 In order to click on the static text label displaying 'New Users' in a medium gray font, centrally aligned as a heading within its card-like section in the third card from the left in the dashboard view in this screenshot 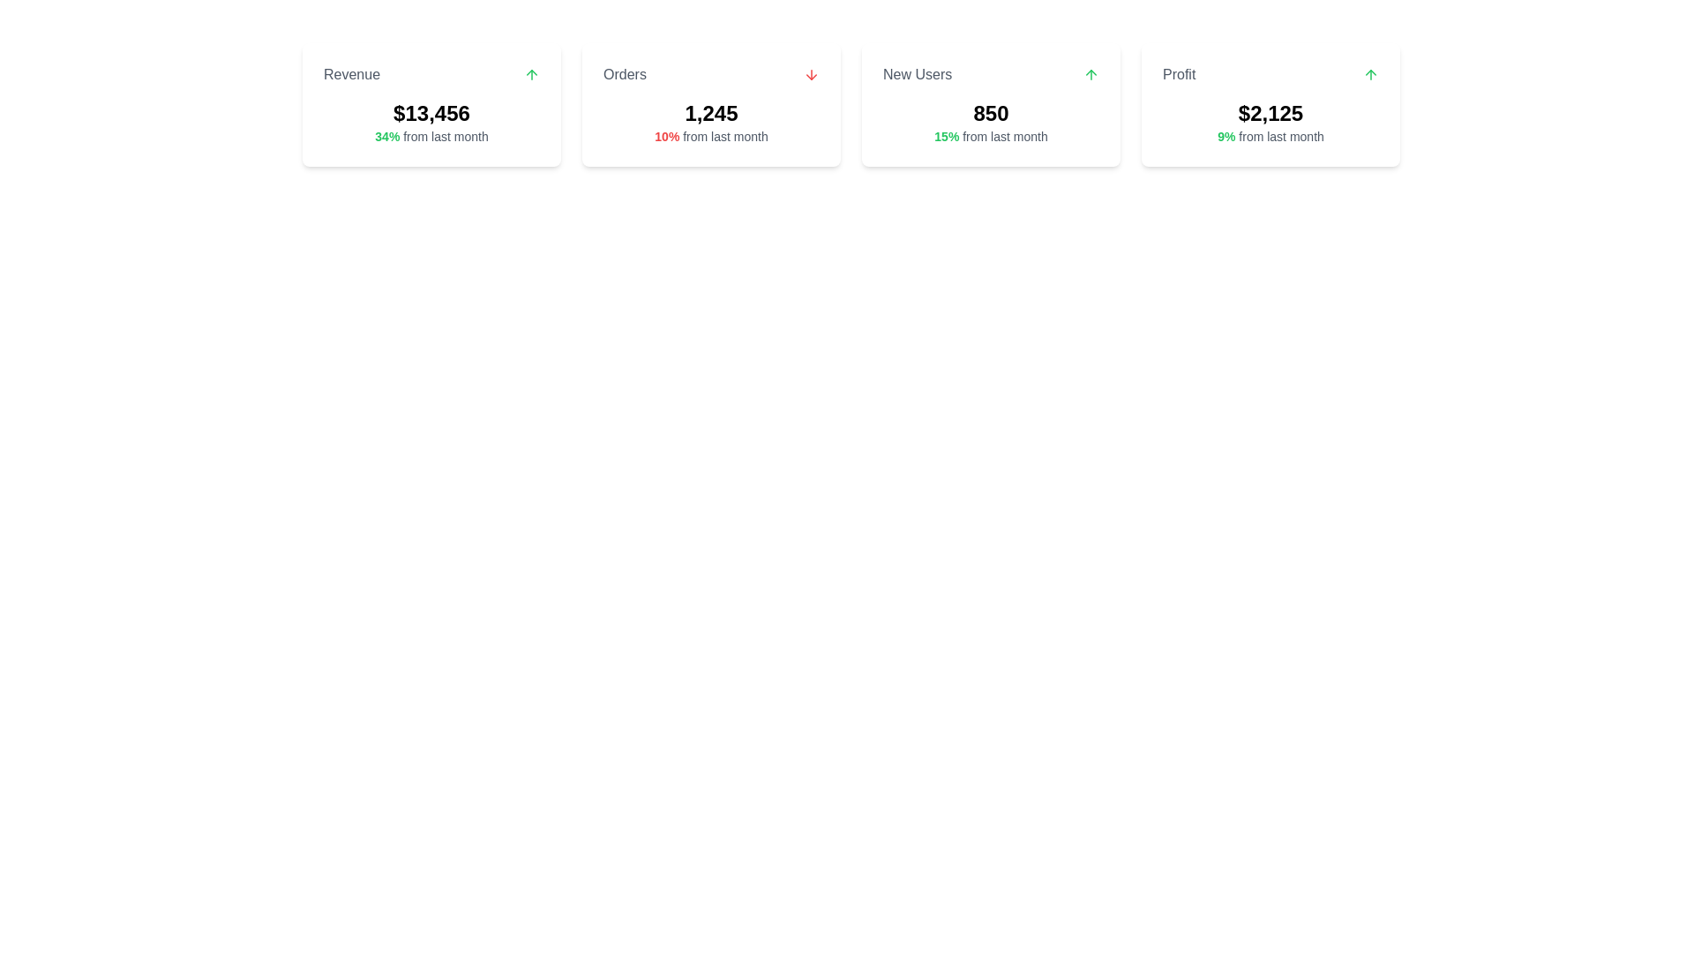, I will do `click(918, 73)`.